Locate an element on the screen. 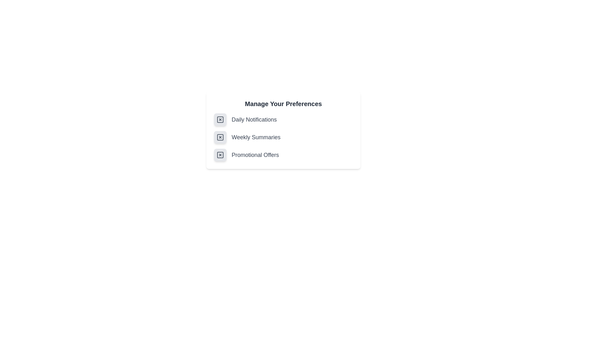 The height and width of the screenshot is (341, 606). the button located in the topmost row of the list on the left side of the text 'Daily Notifications' is located at coordinates (220, 119).